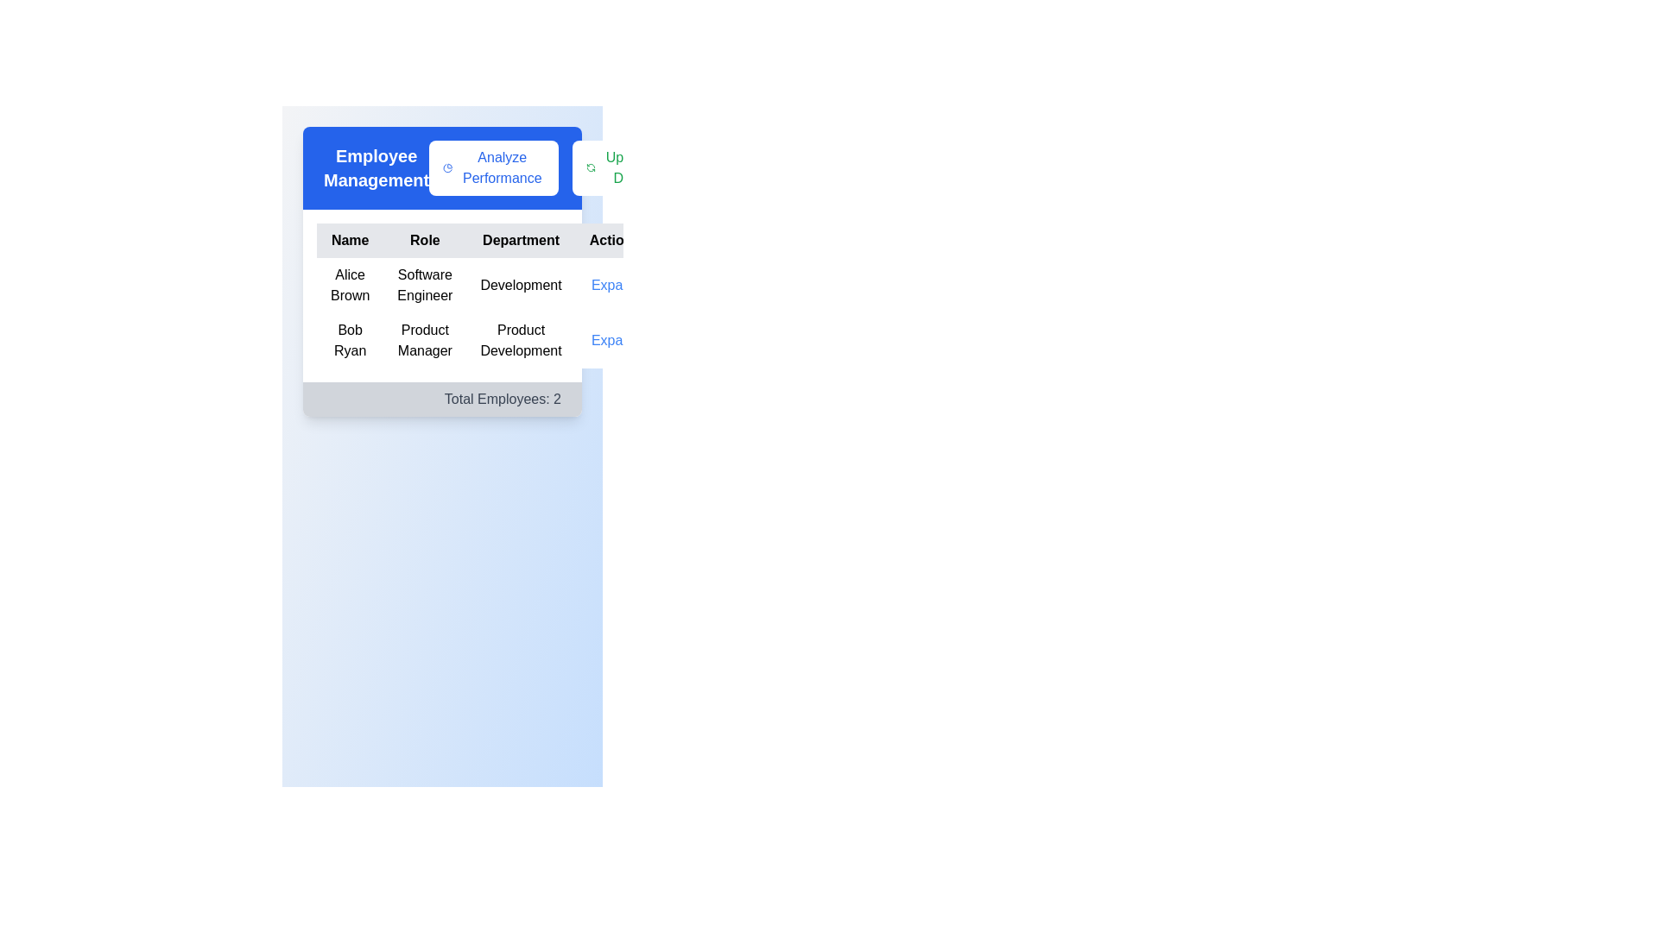  Describe the element at coordinates (484, 312) in the screenshot. I see `the name or role in the second row of the table containing 'Alice Brown' and 'Bob Ryan'` at that location.